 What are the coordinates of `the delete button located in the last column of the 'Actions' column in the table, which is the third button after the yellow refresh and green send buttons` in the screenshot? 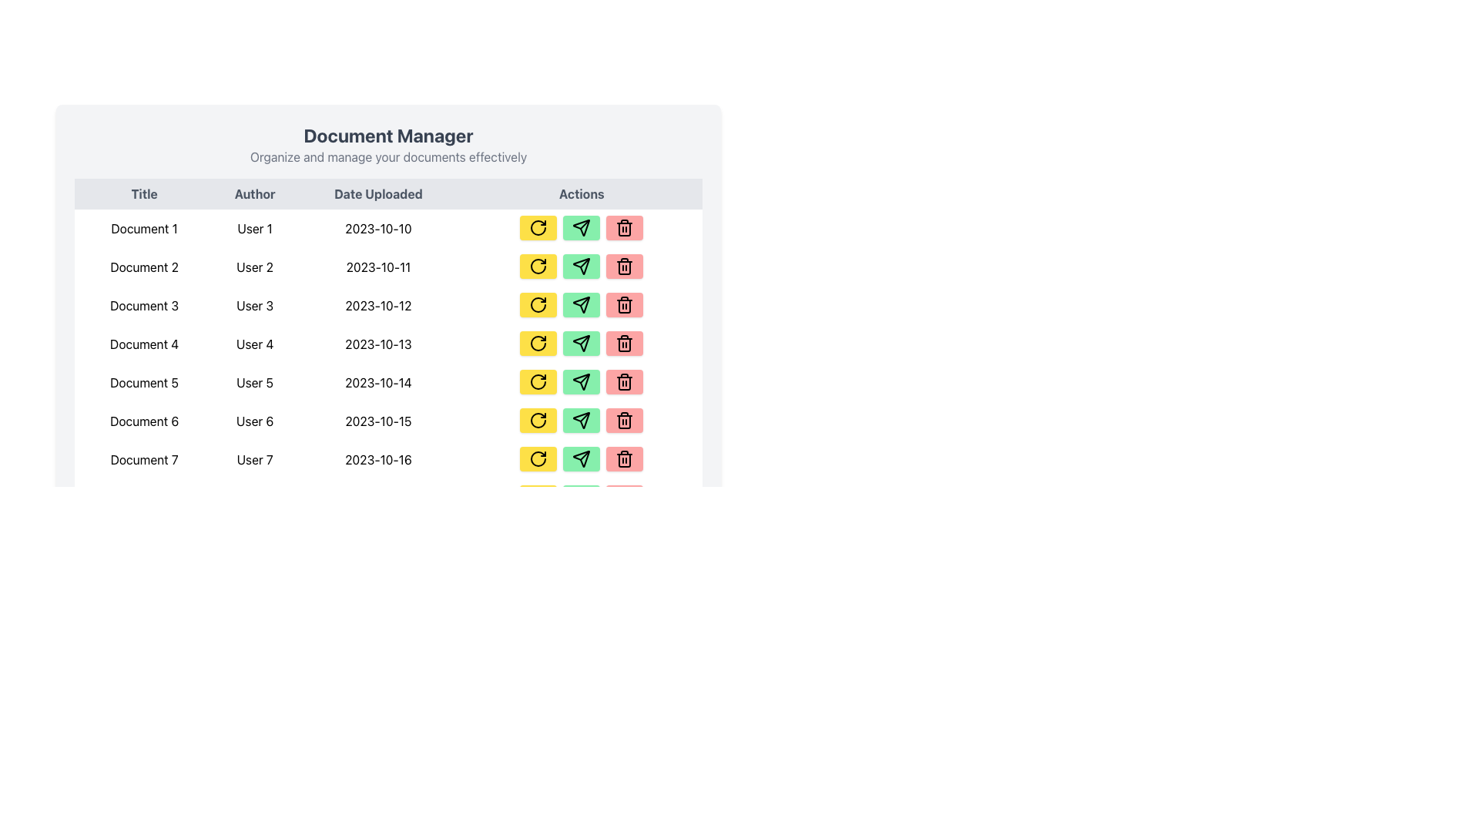 It's located at (625, 228).